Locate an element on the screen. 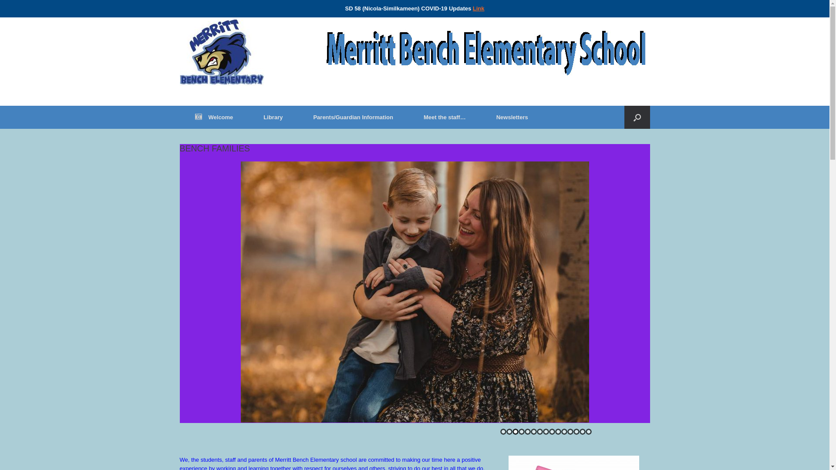  '2' is located at coordinates (509, 431).